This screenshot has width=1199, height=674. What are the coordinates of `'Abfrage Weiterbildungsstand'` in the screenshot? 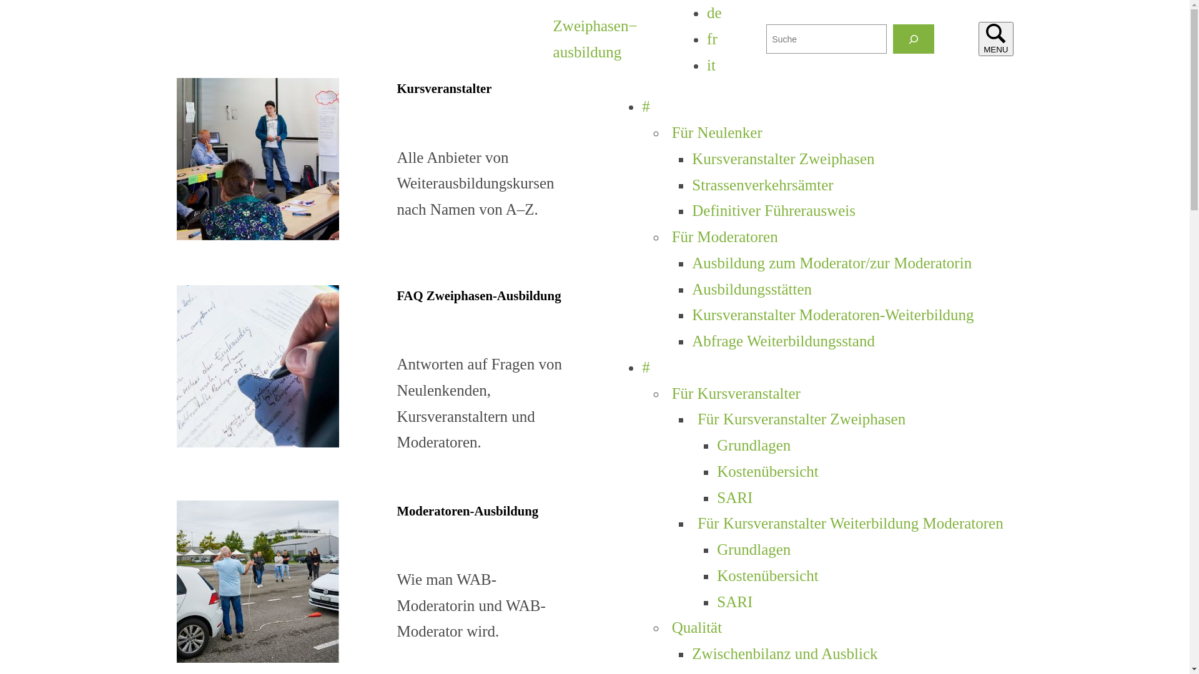 It's located at (782, 341).